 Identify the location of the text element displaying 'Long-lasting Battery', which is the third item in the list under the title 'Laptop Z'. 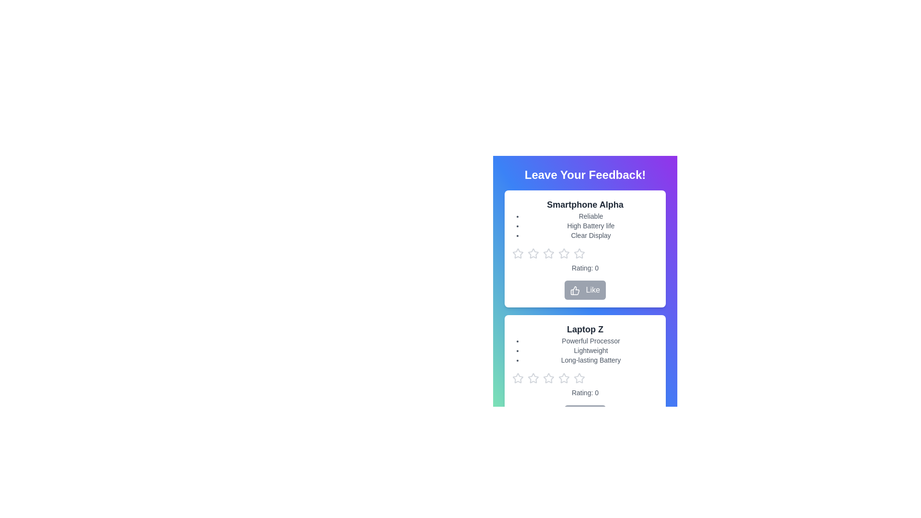
(590, 360).